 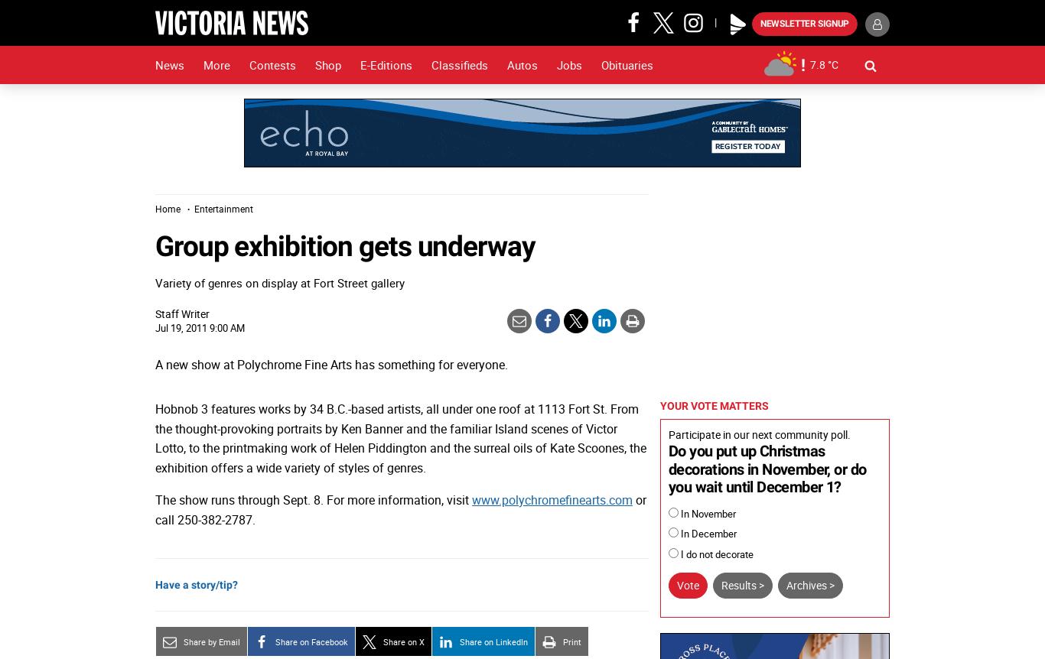 I want to click on 'Classifieds', so click(x=431, y=63).